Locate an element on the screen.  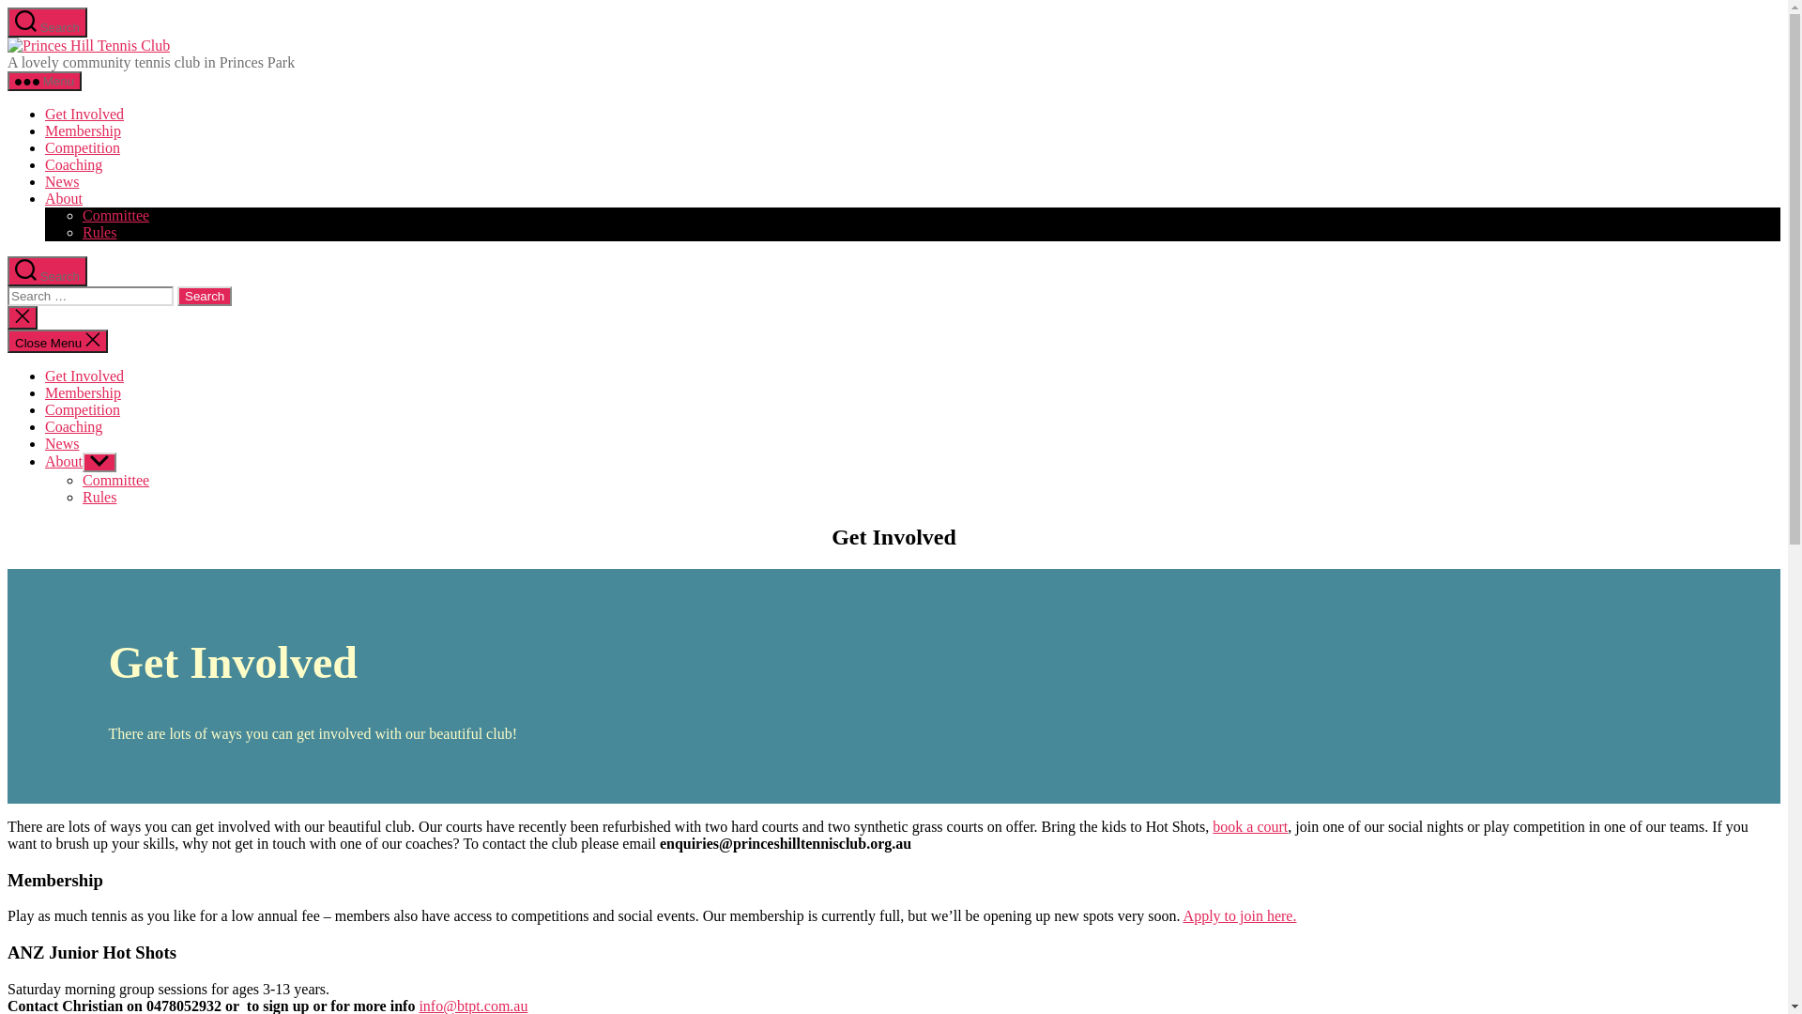
'Committee' is located at coordinates (115, 214).